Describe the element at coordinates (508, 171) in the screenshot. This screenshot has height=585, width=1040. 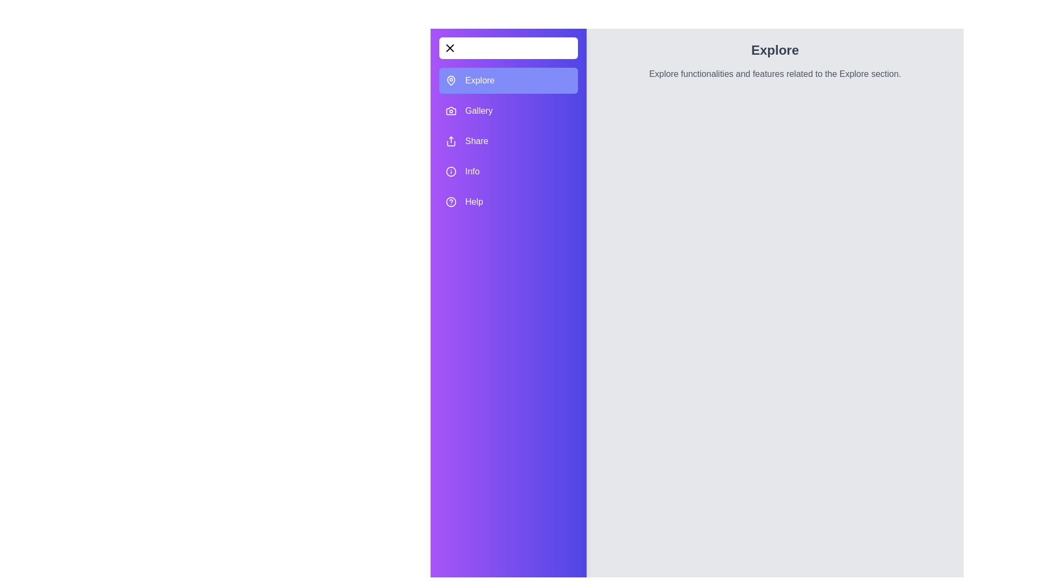
I see `the tab labeled Info in the navigation drawer` at that location.